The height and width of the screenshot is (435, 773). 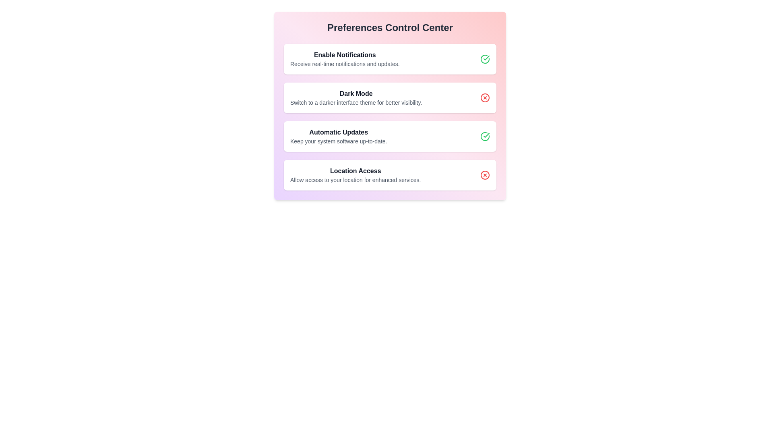 What do you see at coordinates (355, 175) in the screenshot?
I see `descriptive text block that contains 'Location Access' and 'Allow access to your location for enhanced services.' located in the Preferences Control Center modal, under the Automatic Updates section` at bounding box center [355, 175].